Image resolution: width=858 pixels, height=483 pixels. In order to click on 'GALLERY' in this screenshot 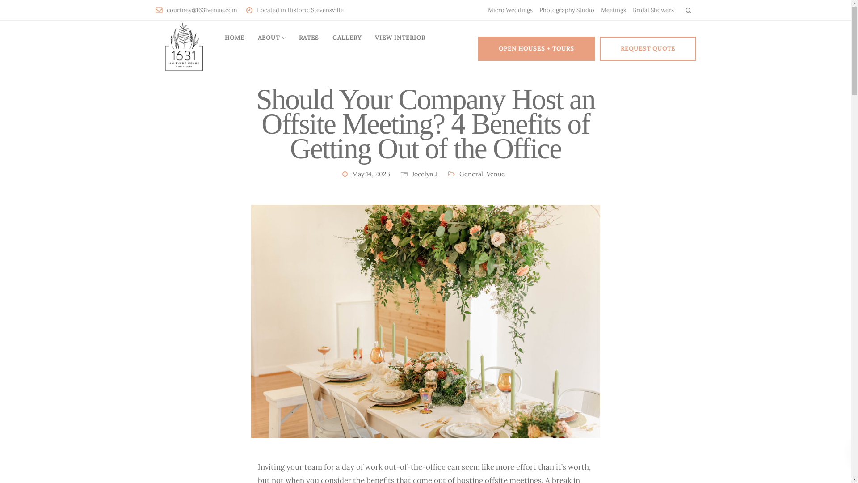, I will do `click(346, 37)`.